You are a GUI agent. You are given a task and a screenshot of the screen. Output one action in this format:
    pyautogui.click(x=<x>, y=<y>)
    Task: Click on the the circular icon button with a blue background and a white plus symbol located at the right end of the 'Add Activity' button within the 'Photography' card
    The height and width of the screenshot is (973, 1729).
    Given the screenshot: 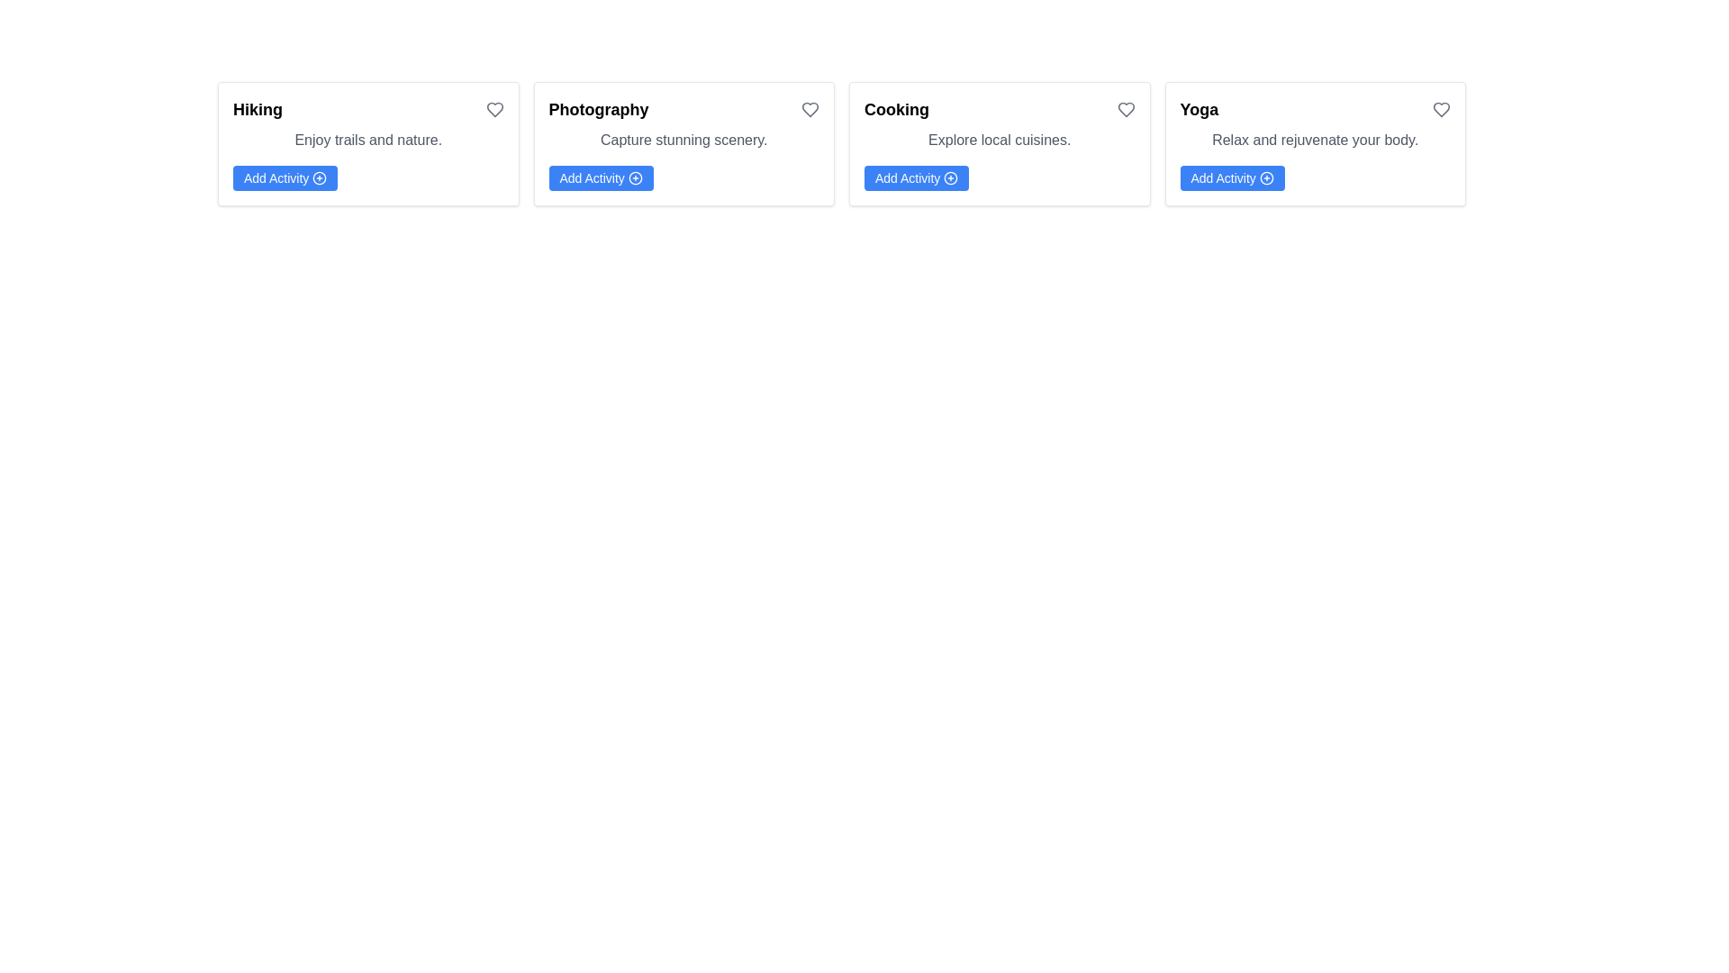 What is the action you would take?
    pyautogui.click(x=635, y=177)
    